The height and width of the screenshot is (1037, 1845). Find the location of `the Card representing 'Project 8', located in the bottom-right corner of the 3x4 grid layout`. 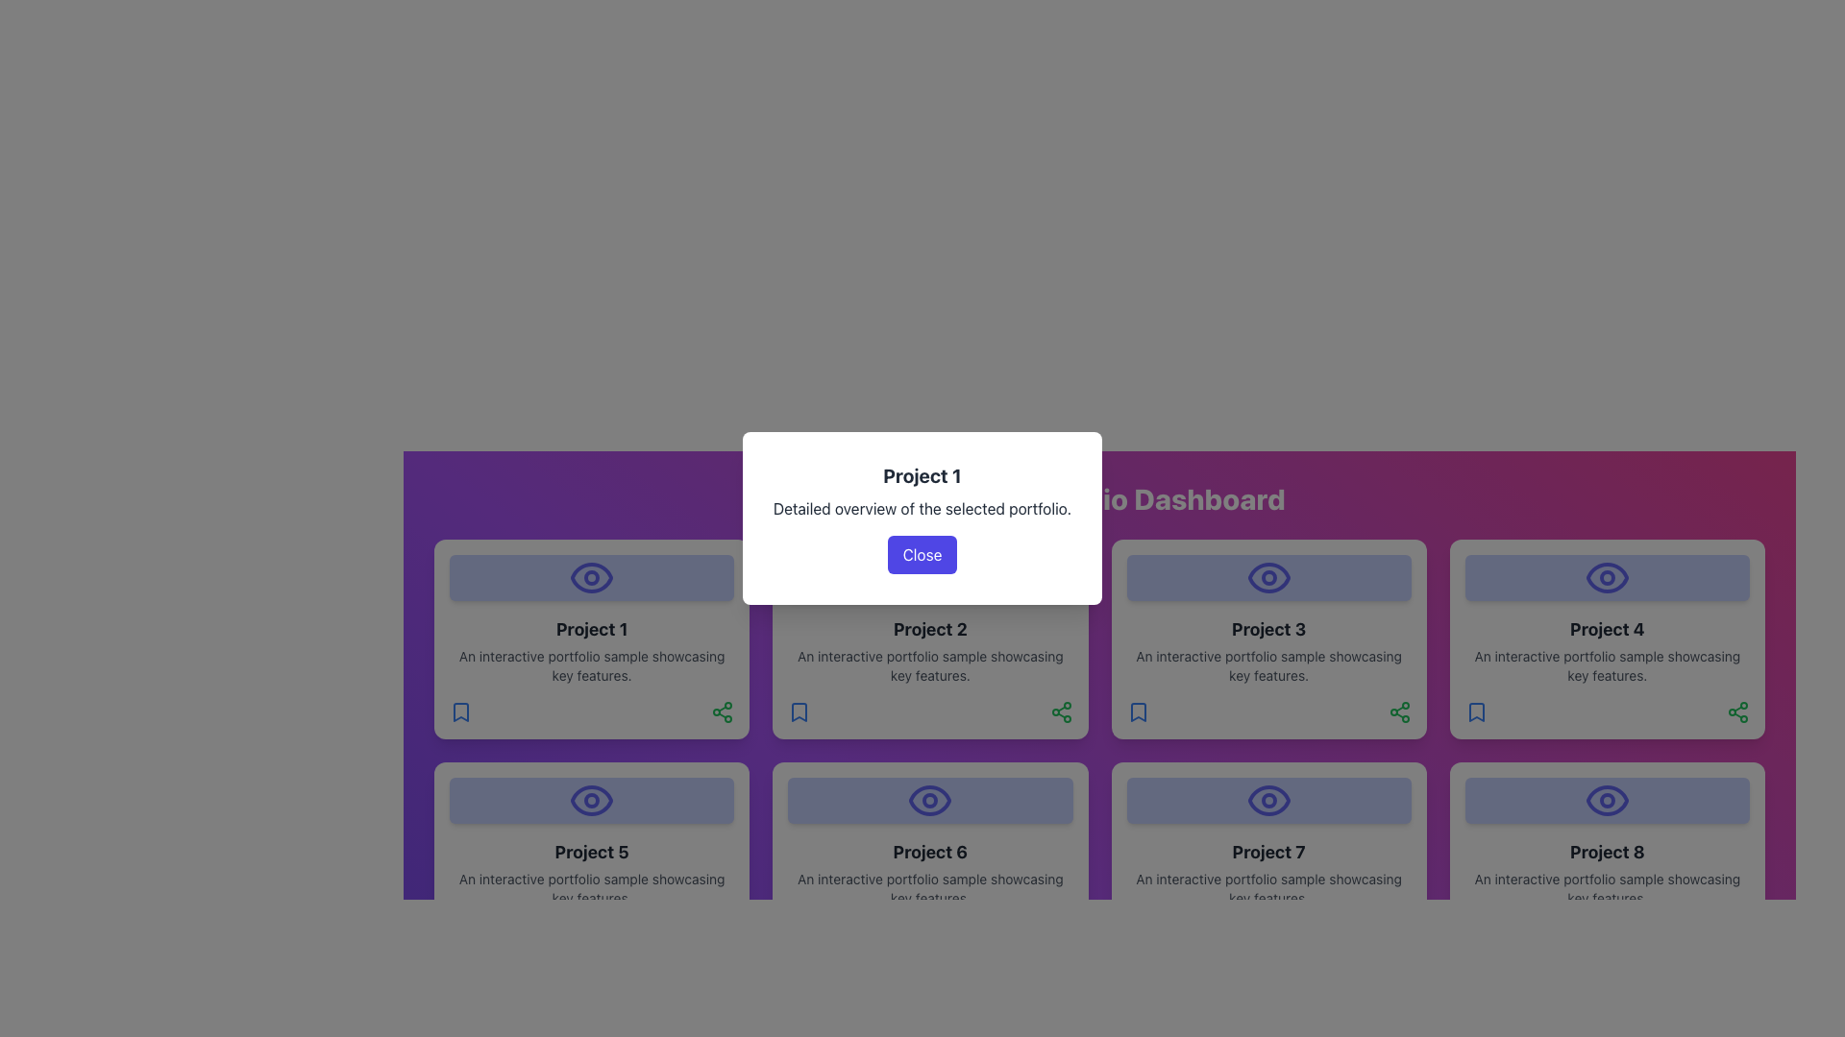

the Card representing 'Project 8', located in the bottom-right corner of the 3x4 grid layout is located at coordinates (1607, 861).